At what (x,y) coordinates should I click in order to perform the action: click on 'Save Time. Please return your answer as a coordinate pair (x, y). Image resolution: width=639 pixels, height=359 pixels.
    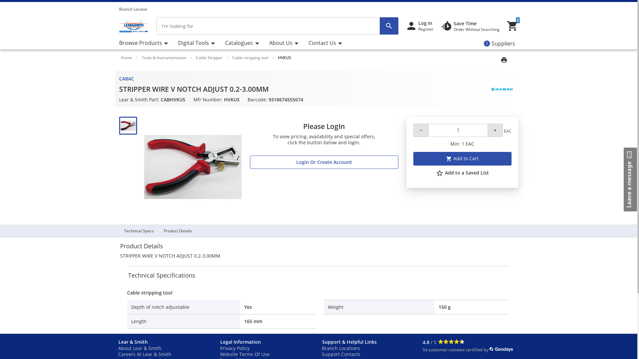
    Looking at the image, I should click on (470, 25).